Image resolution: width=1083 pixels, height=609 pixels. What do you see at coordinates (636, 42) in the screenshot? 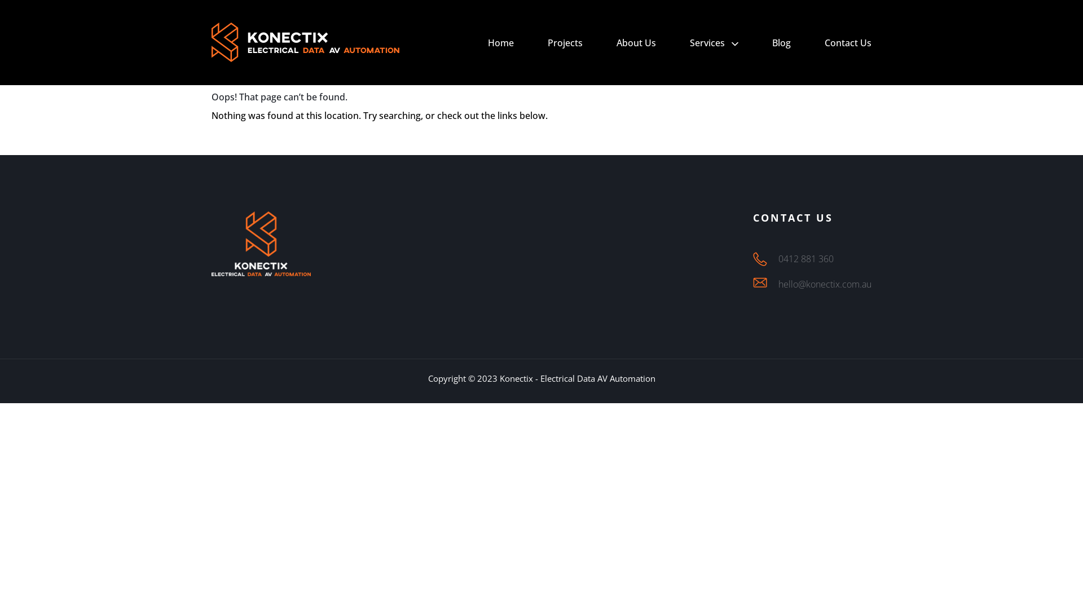
I see `'About Us'` at bounding box center [636, 42].